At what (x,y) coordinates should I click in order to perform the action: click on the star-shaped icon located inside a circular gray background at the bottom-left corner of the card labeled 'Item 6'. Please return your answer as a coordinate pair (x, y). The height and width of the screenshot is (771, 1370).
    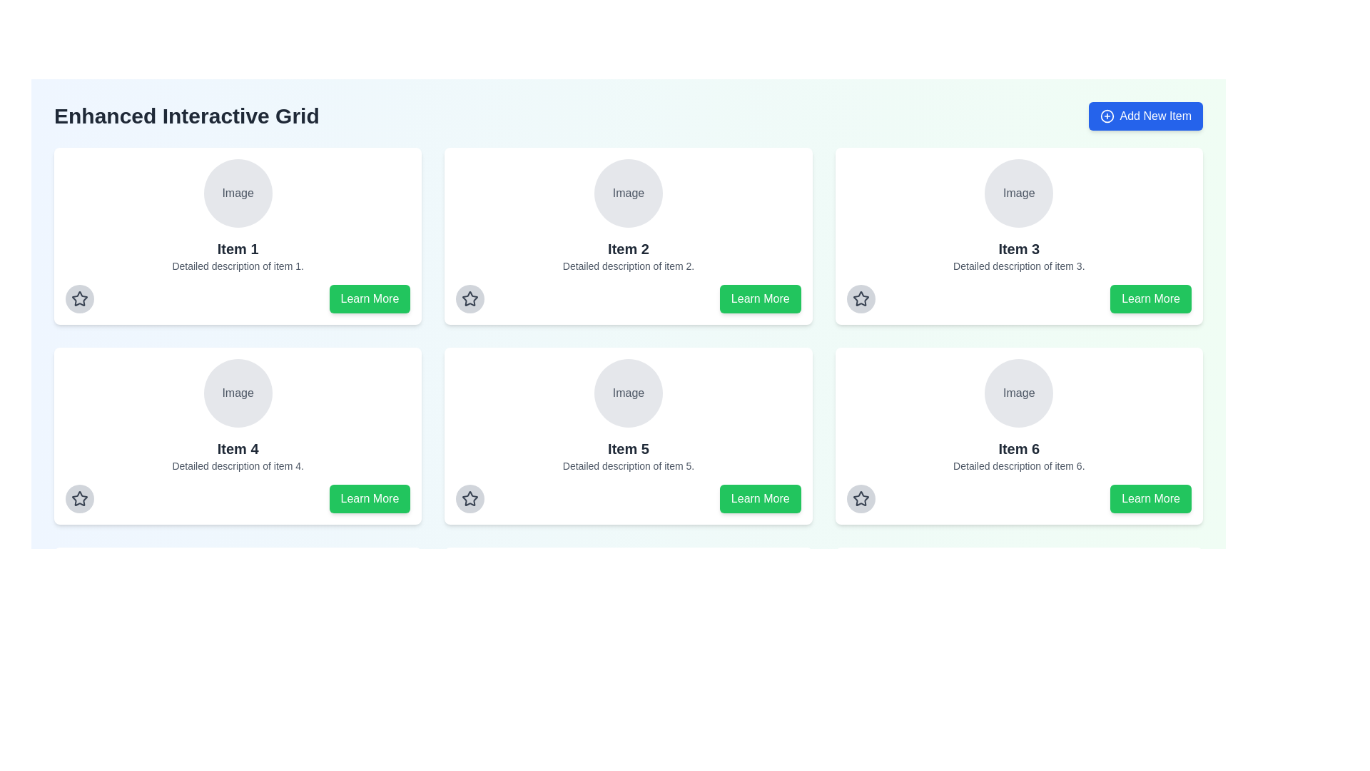
    Looking at the image, I should click on (860, 498).